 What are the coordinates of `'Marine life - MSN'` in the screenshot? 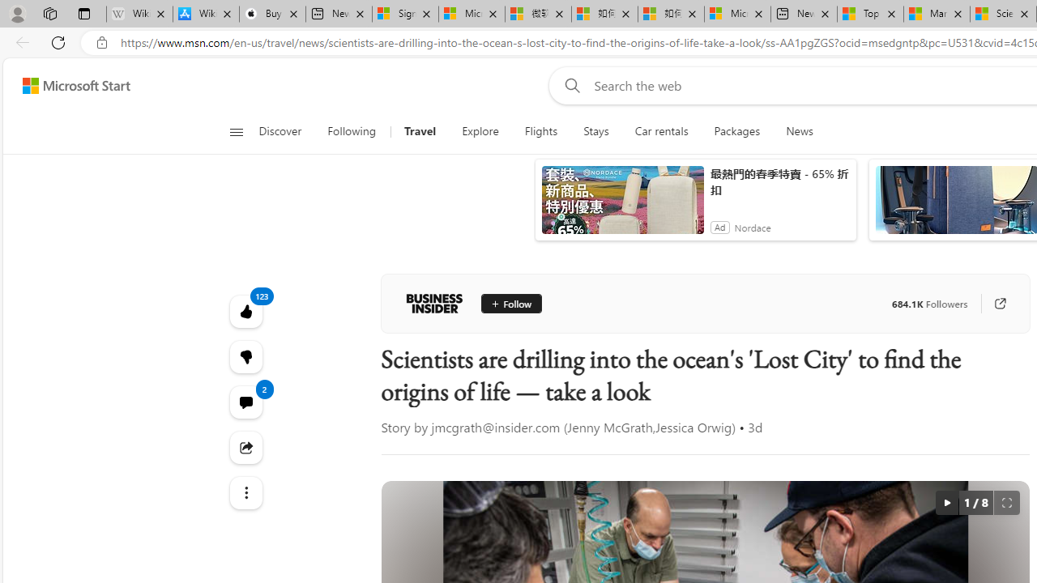 It's located at (937, 14).